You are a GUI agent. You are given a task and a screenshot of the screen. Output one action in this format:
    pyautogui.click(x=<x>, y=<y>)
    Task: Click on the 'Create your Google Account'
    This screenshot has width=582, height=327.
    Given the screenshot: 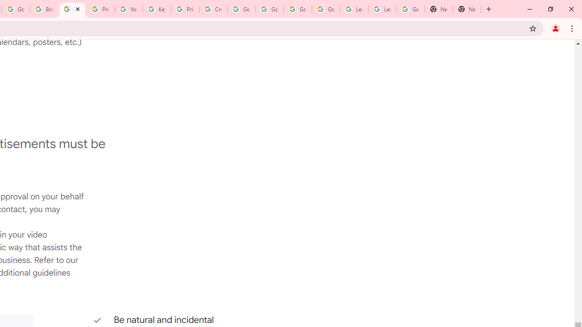 What is the action you would take?
    pyautogui.click(x=213, y=9)
    